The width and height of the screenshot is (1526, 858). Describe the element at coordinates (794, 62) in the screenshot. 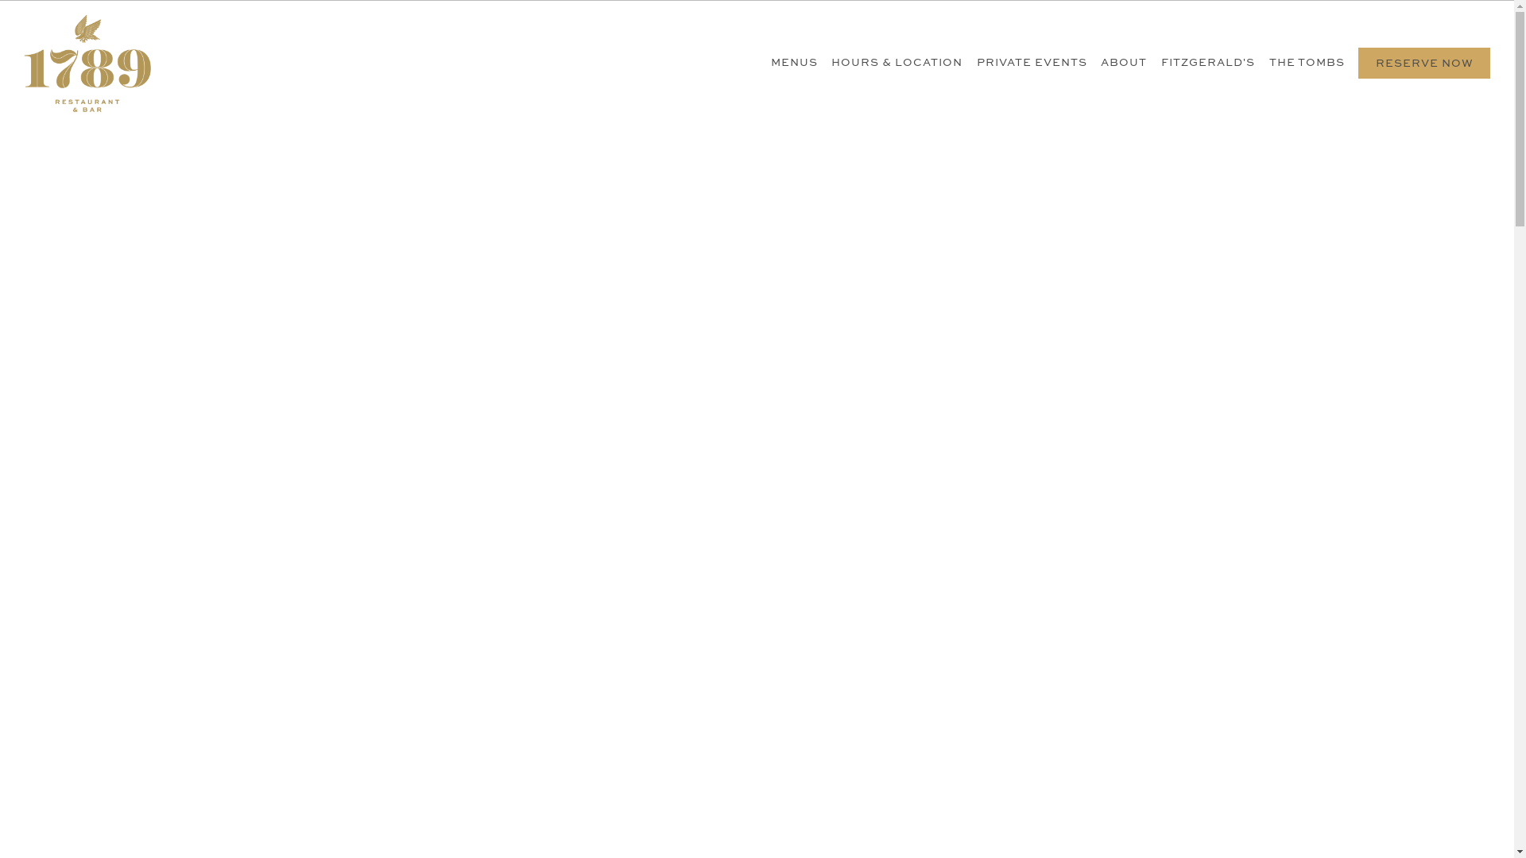

I see `'MENUS'` at that location.